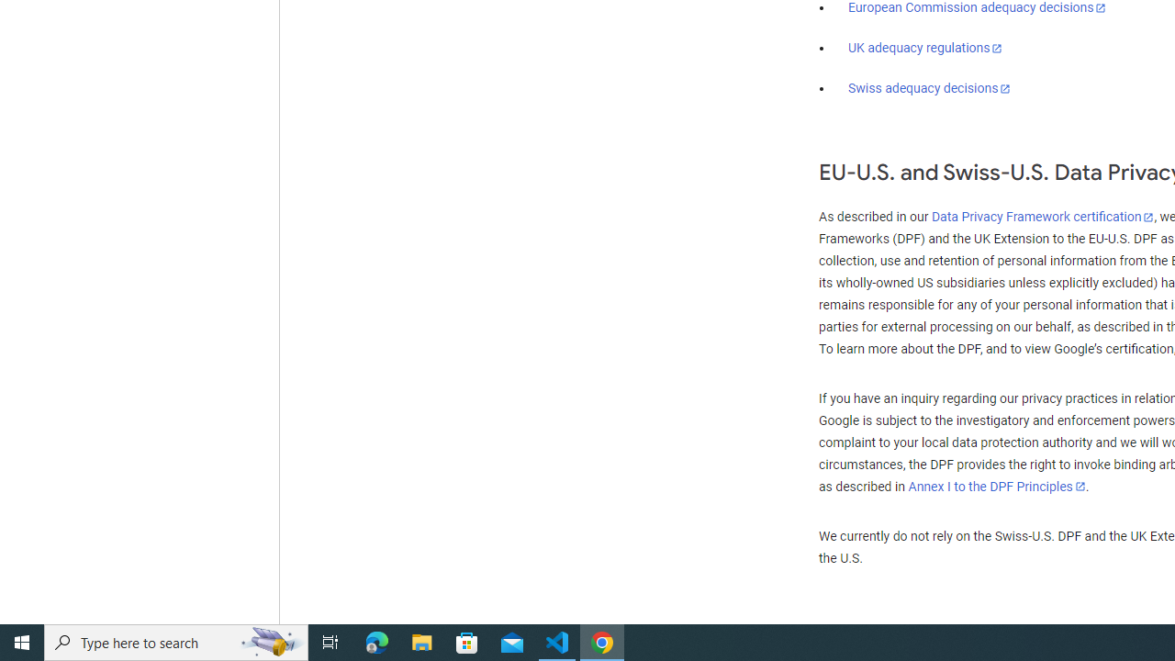 The width and height of the screenshot is (1175, 661). Describe the element at coordinates (976, 8) in the screenshot. I see `'European Commission adequacy decisions'` at that location.